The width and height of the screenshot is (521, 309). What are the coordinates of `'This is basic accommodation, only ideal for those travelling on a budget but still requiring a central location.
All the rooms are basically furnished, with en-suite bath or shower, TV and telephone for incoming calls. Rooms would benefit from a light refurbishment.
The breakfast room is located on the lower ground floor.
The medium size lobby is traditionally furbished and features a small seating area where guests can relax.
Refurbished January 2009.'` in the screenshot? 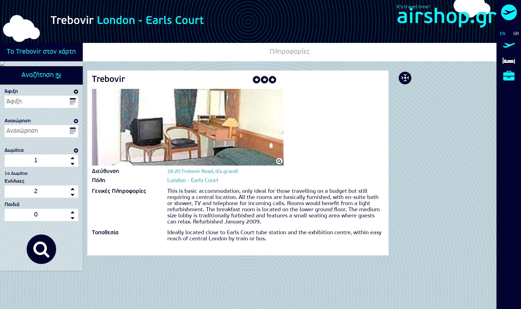 It's located at (273, 207).